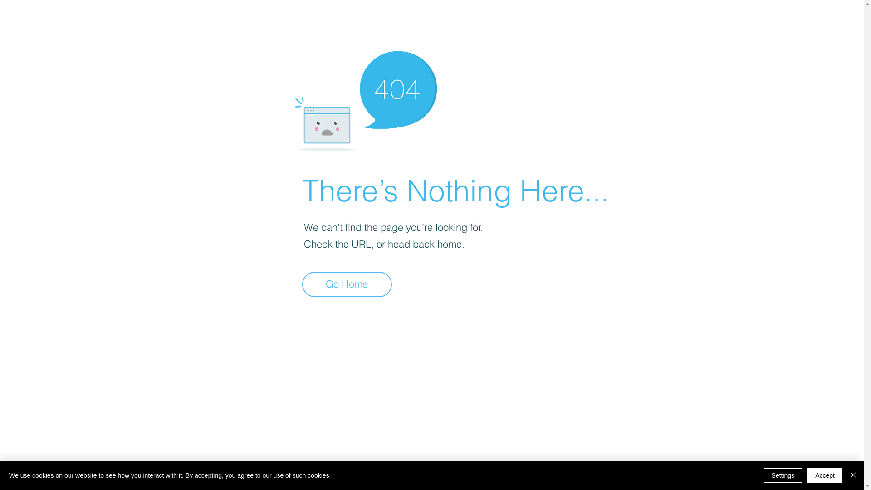 Image resolution: width=871 pixels, height=490 pixels. What do you see at coordinates (365, 98) in the screenshot?
I see `'404-icon_2.png'` at bounding box center [365, 98].